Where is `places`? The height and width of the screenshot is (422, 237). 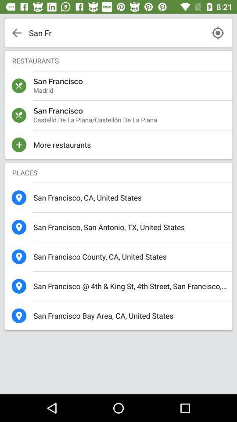 places is located at coordinates (118, 172).